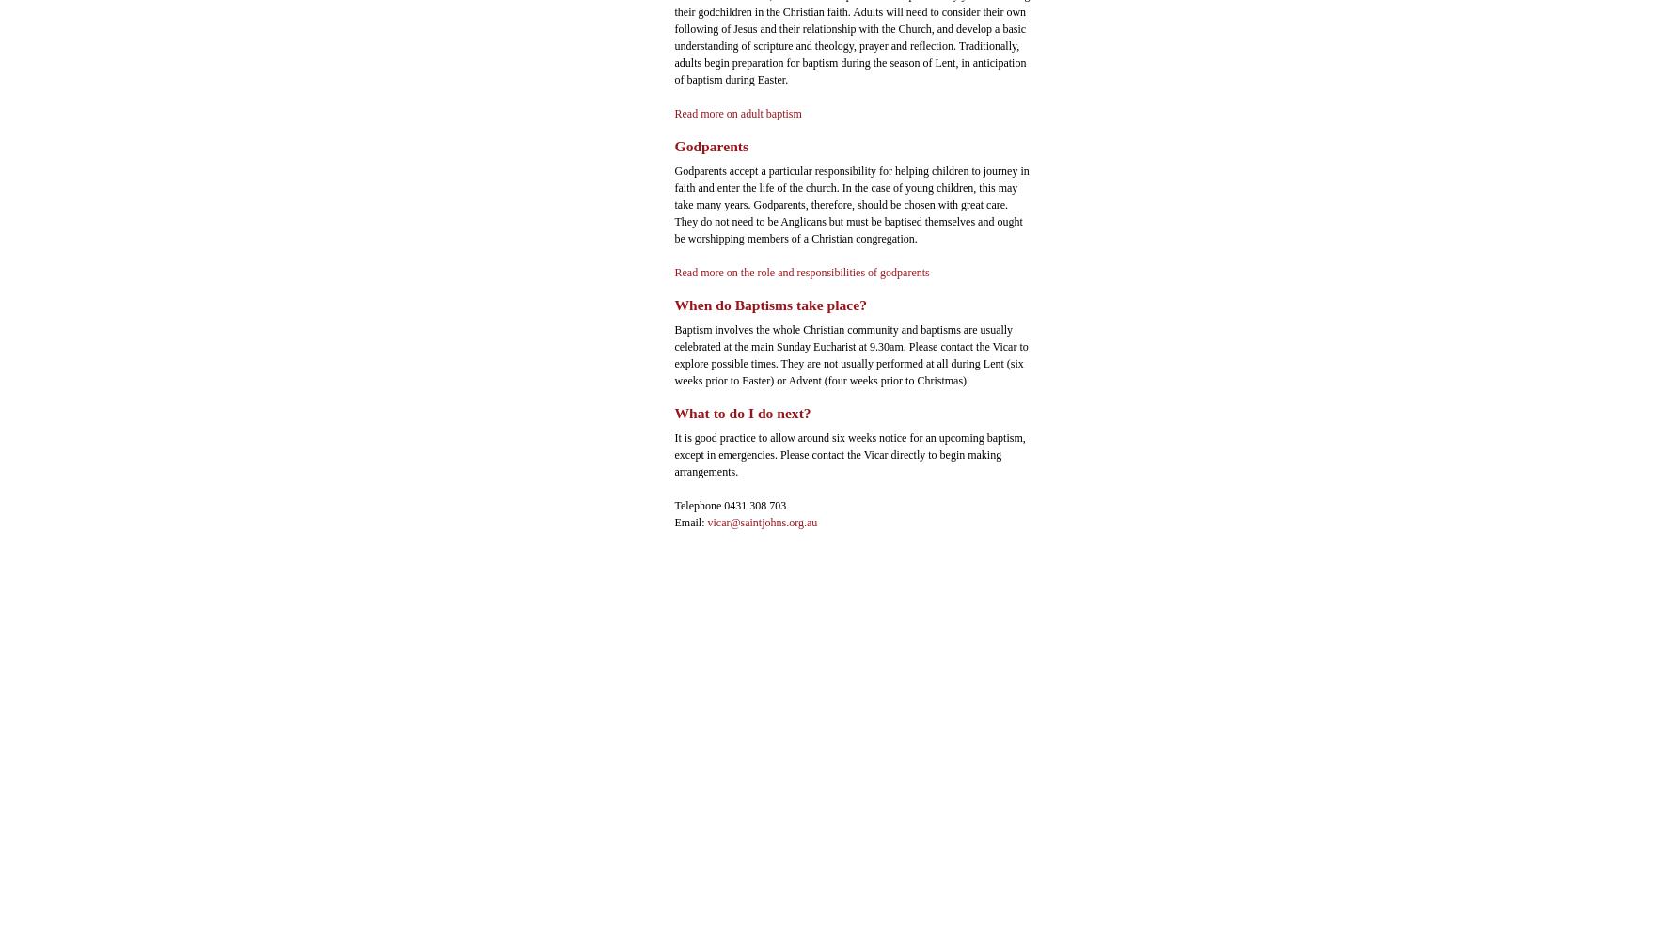  What do you see at coordinates (711, 145) in the screenshot?
I see `'Godparents'` at bounding box center [711, 145].